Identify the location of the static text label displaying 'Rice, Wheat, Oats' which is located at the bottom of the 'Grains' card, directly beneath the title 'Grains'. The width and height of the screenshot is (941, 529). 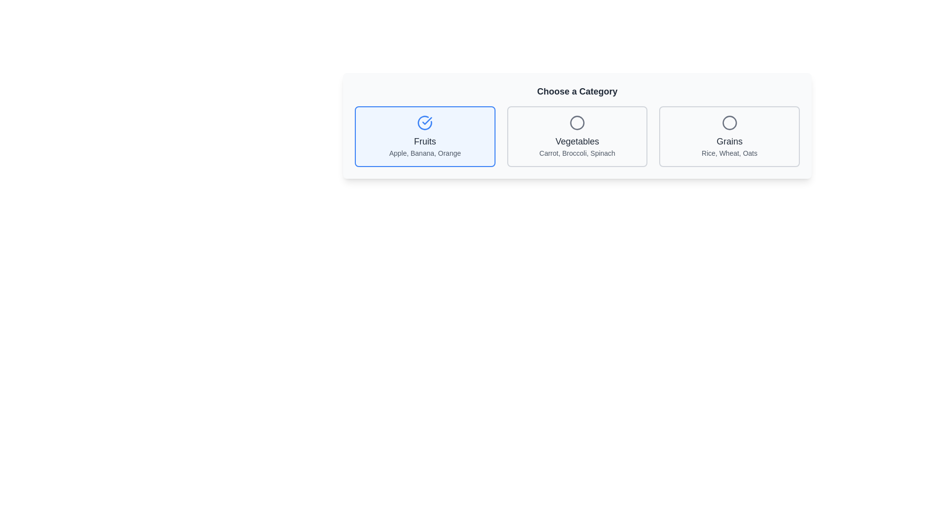
(729, 153).